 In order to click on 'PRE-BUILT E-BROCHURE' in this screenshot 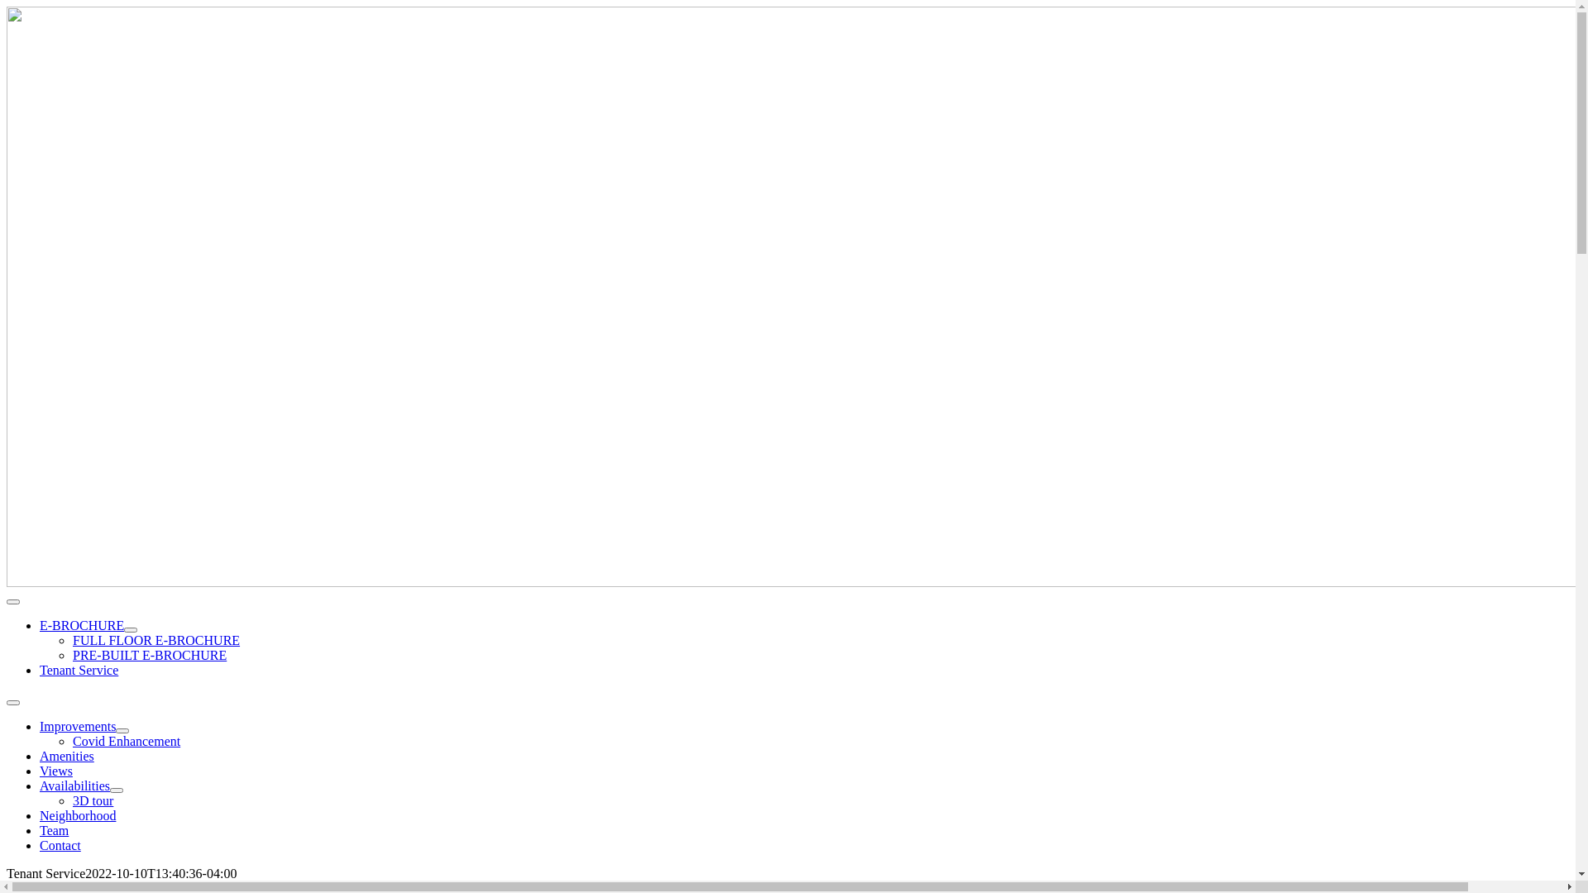, I will do `click(150, 654)`.